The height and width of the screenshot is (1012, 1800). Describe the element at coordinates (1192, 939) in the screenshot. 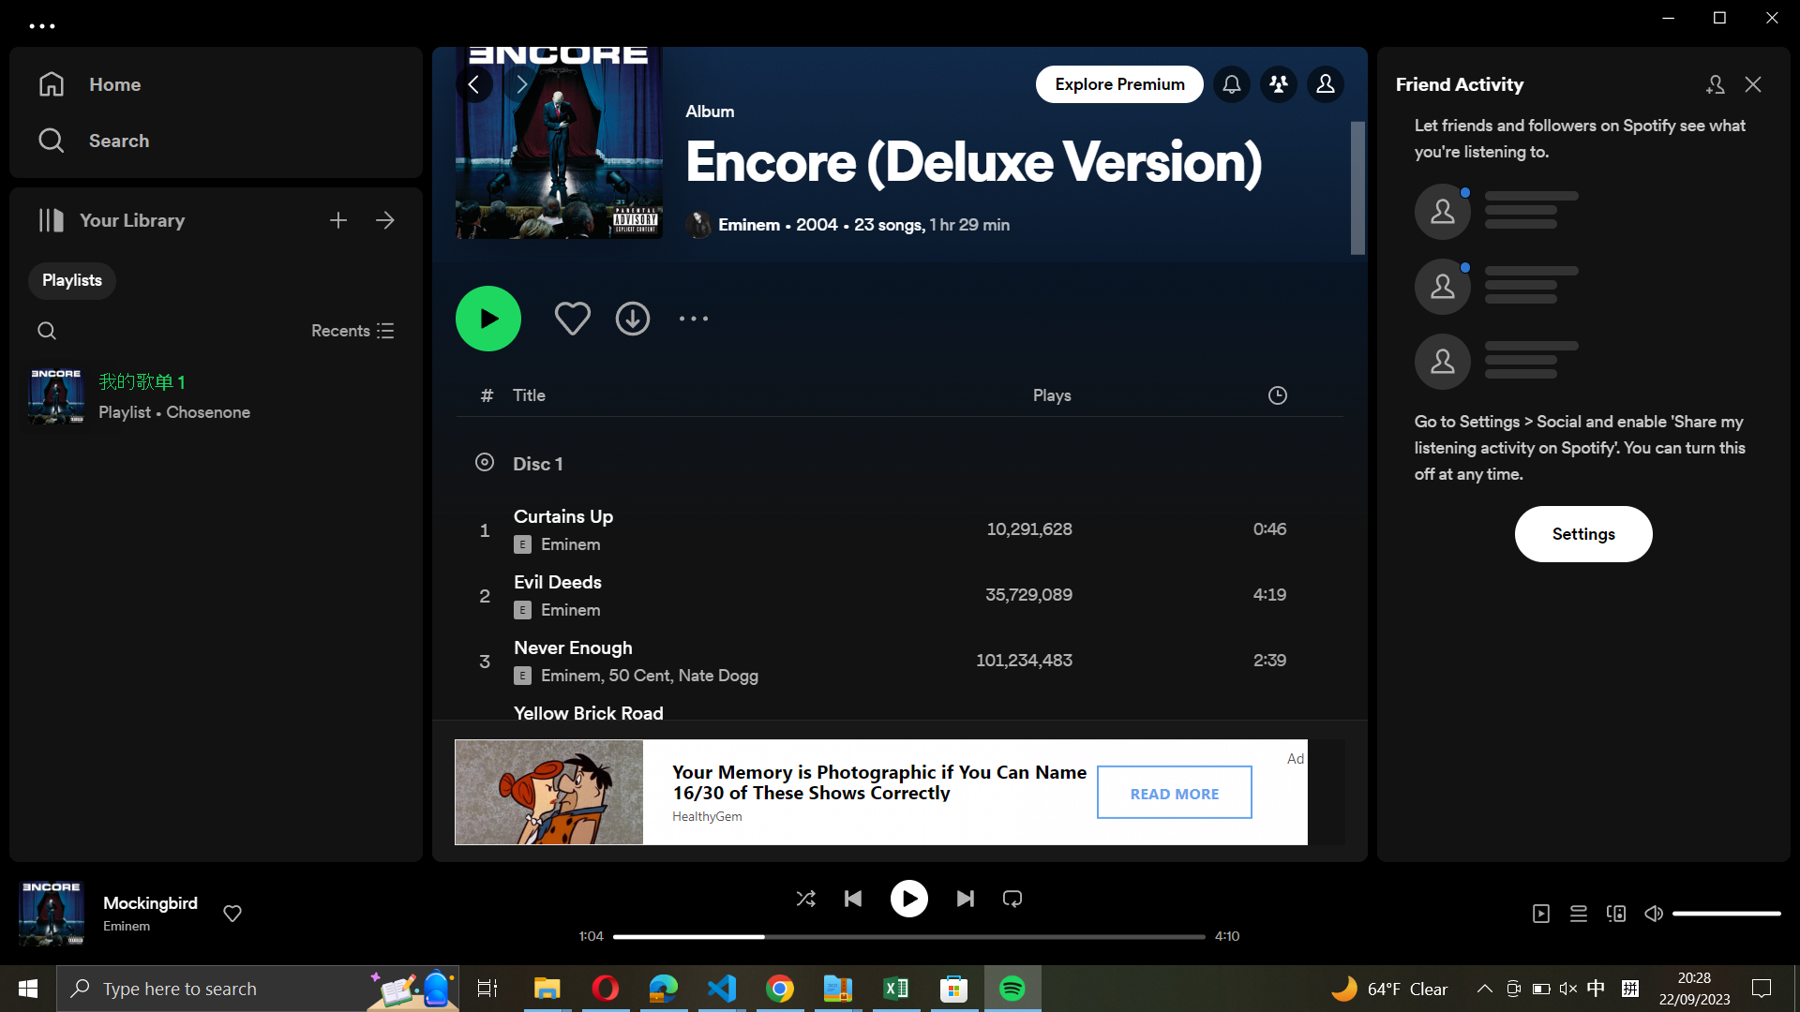

I see `Advance to the closing part of the playing song` at that location.